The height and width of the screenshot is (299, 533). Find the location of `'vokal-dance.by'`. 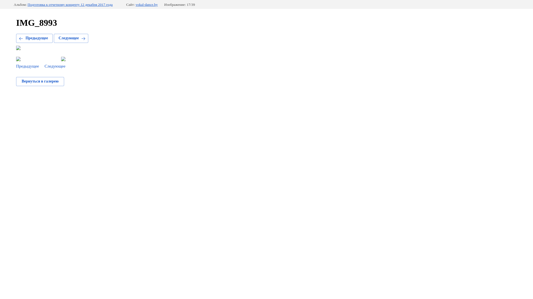

'vokal-dance.by' is located at coordinates (147, 4).